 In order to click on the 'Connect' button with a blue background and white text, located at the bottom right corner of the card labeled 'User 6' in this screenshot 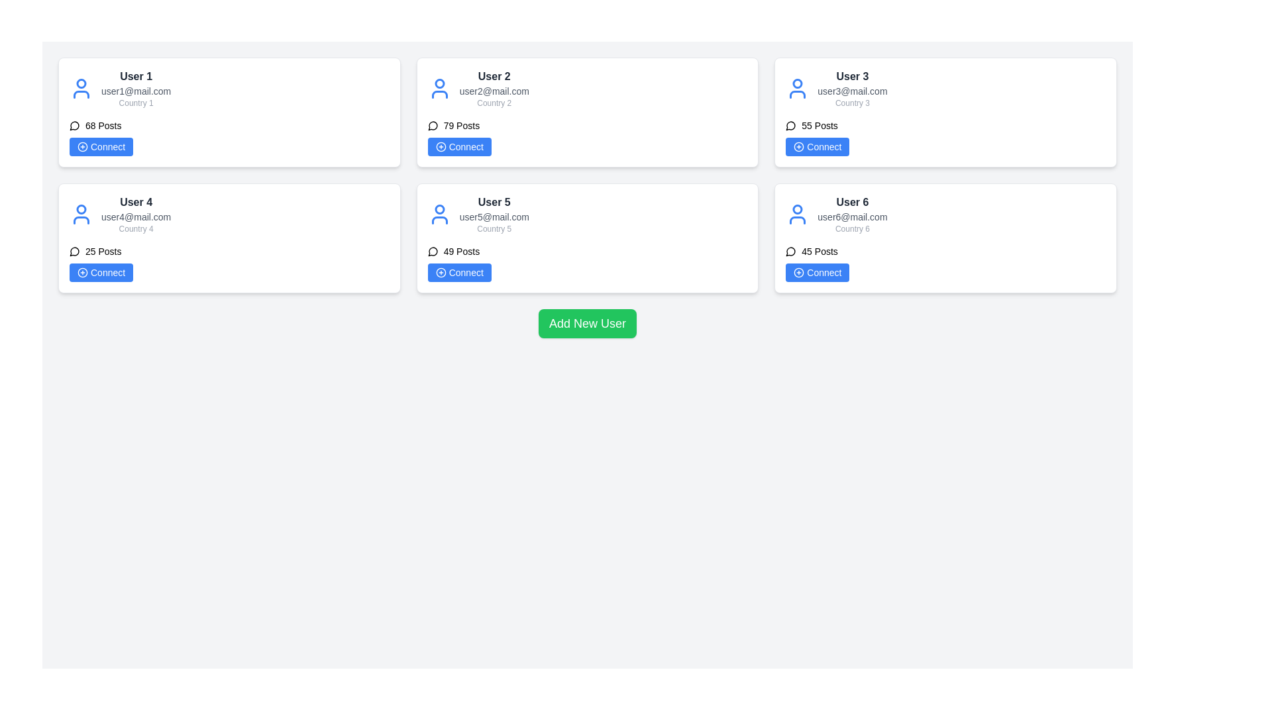, I will do `click(817, 272)`.